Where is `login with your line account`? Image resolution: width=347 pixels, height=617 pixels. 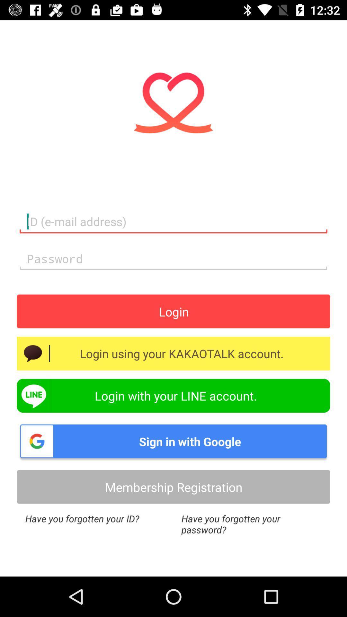
login with your line account is located at coordinates (173, 395).